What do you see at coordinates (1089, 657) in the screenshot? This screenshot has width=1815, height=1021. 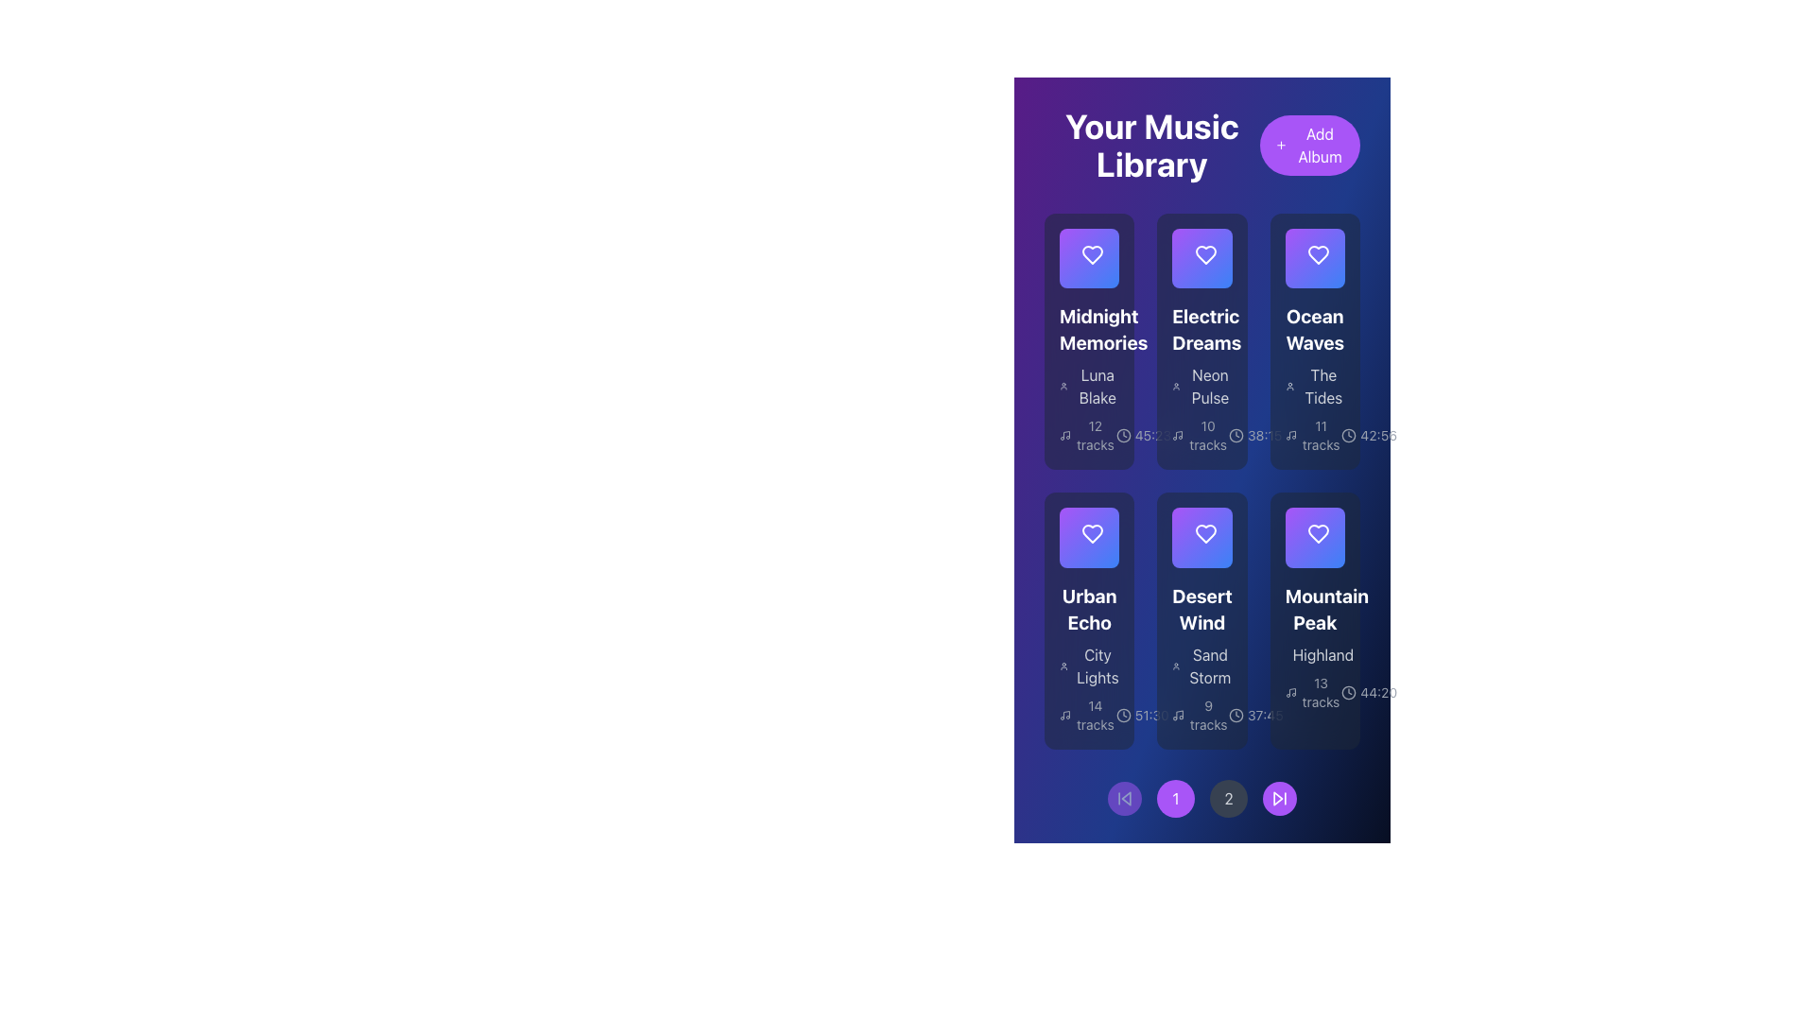 I see `the 'City Lights' text label, which is styled with a grey font color and located within the album card for 'Urban Echo' in the second row and first column` at bounding box center [1089, 657].